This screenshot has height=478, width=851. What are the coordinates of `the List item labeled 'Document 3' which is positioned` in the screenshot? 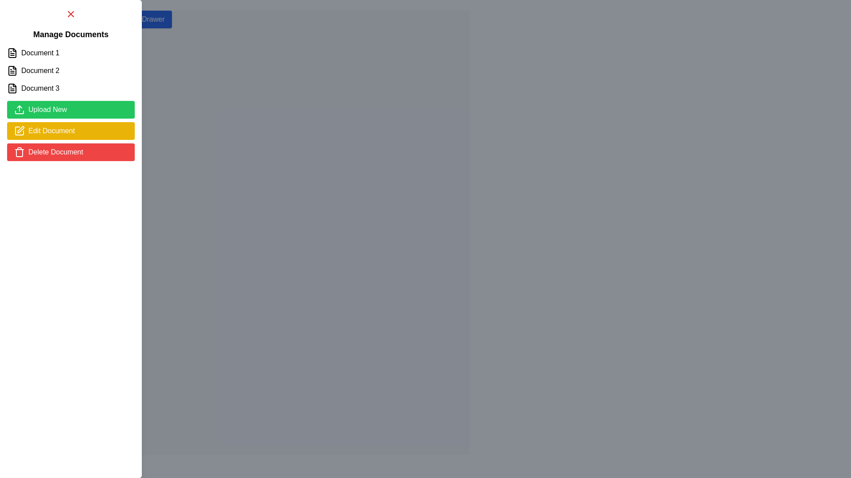 It's located at (70, 89).